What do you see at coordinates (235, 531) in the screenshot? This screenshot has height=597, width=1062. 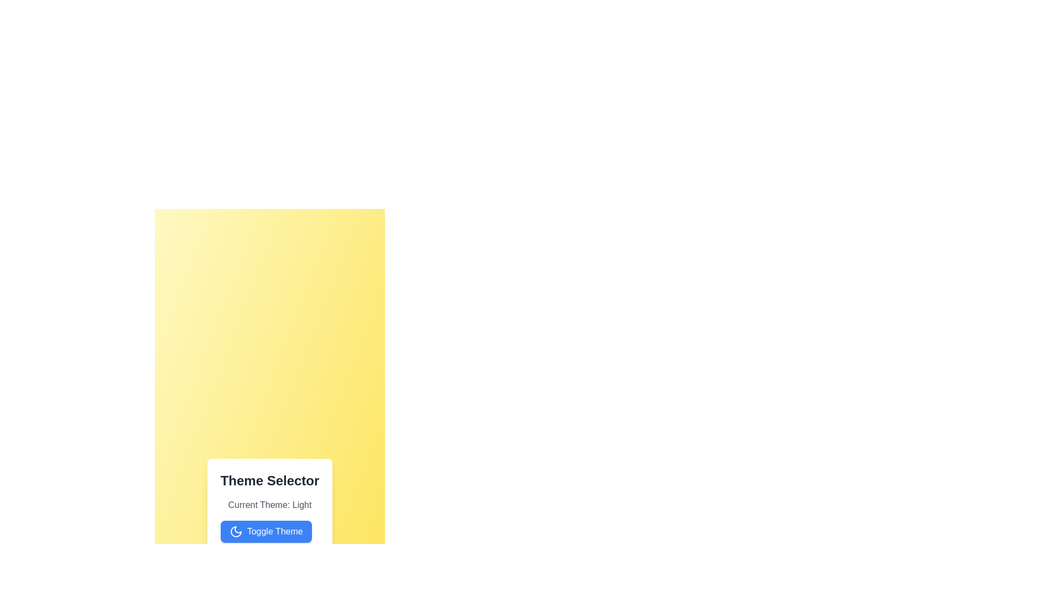 I see `the moon icon and verify that it represents the 'Light' theme` at bounding box center [235, 531].